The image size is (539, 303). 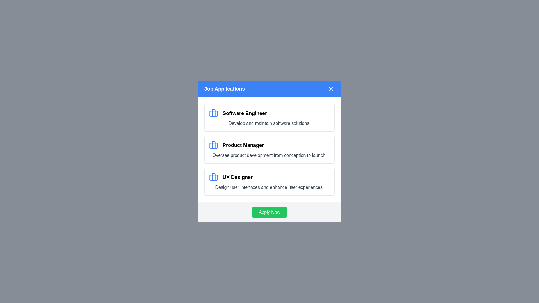 What do you see at coordinates (269, 187) in the screenshot?
I see `the detailed description text of the 'UX Designer' role located directly beneath the bold title in the bottom card of the modal window to check for tooltips` at bounding box center [269, 187].